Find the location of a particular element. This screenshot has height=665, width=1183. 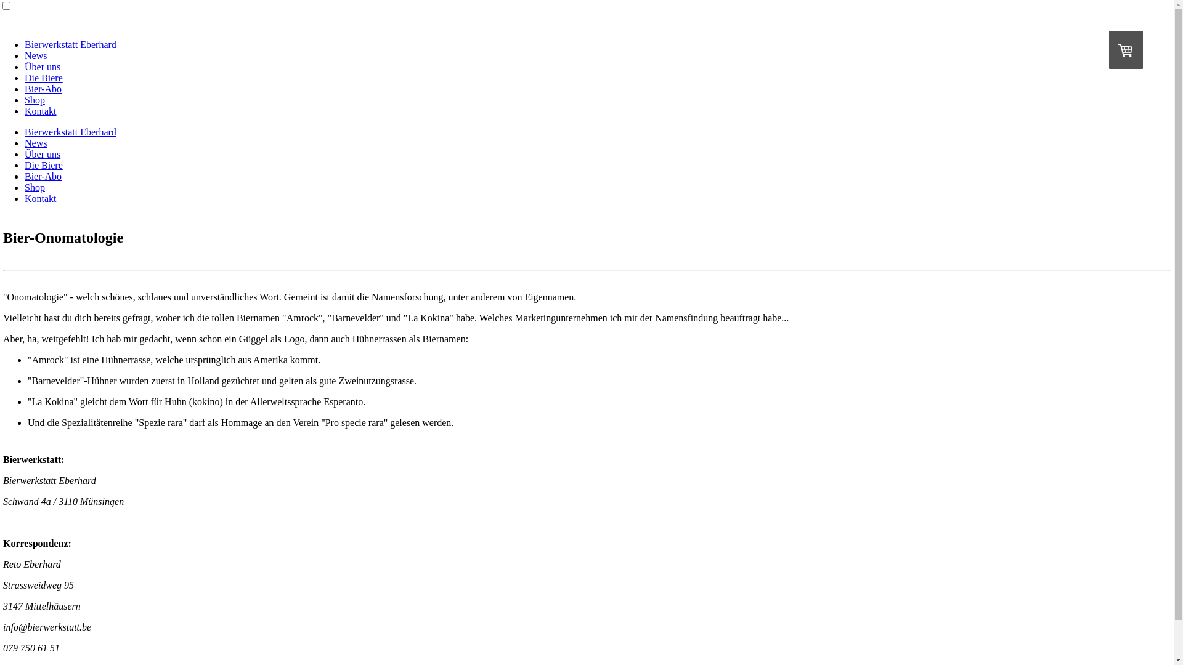

'Kontakt' is located at coordinates (41, 198).